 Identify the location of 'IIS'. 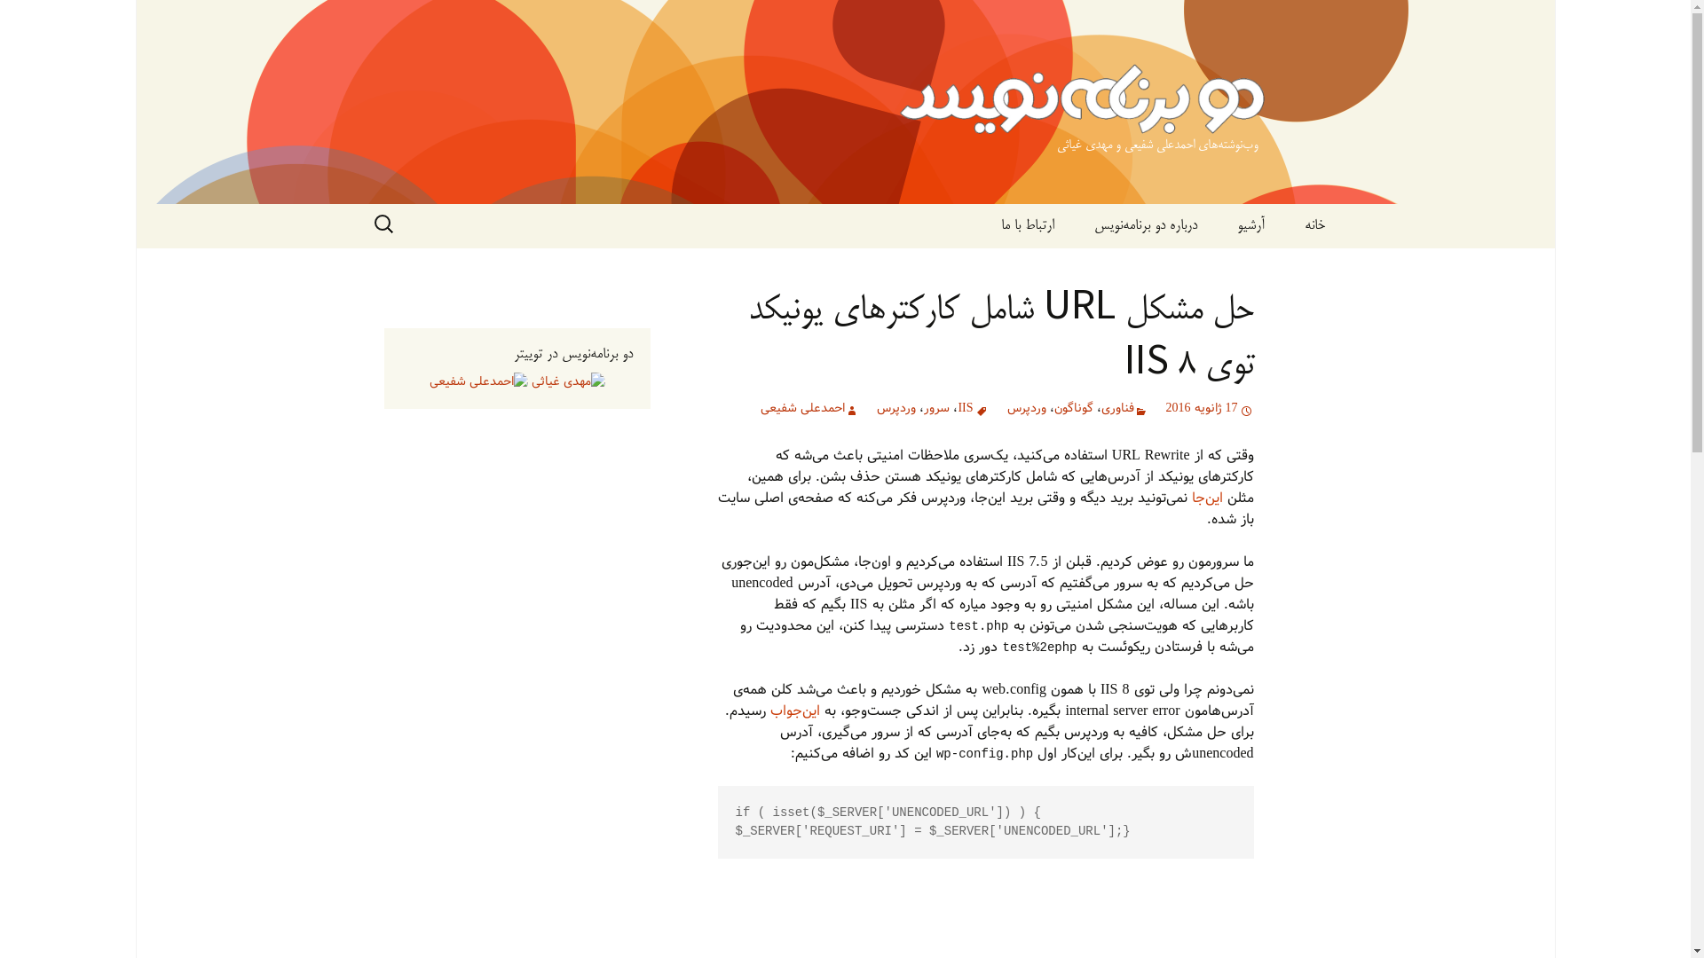
(972, 409).